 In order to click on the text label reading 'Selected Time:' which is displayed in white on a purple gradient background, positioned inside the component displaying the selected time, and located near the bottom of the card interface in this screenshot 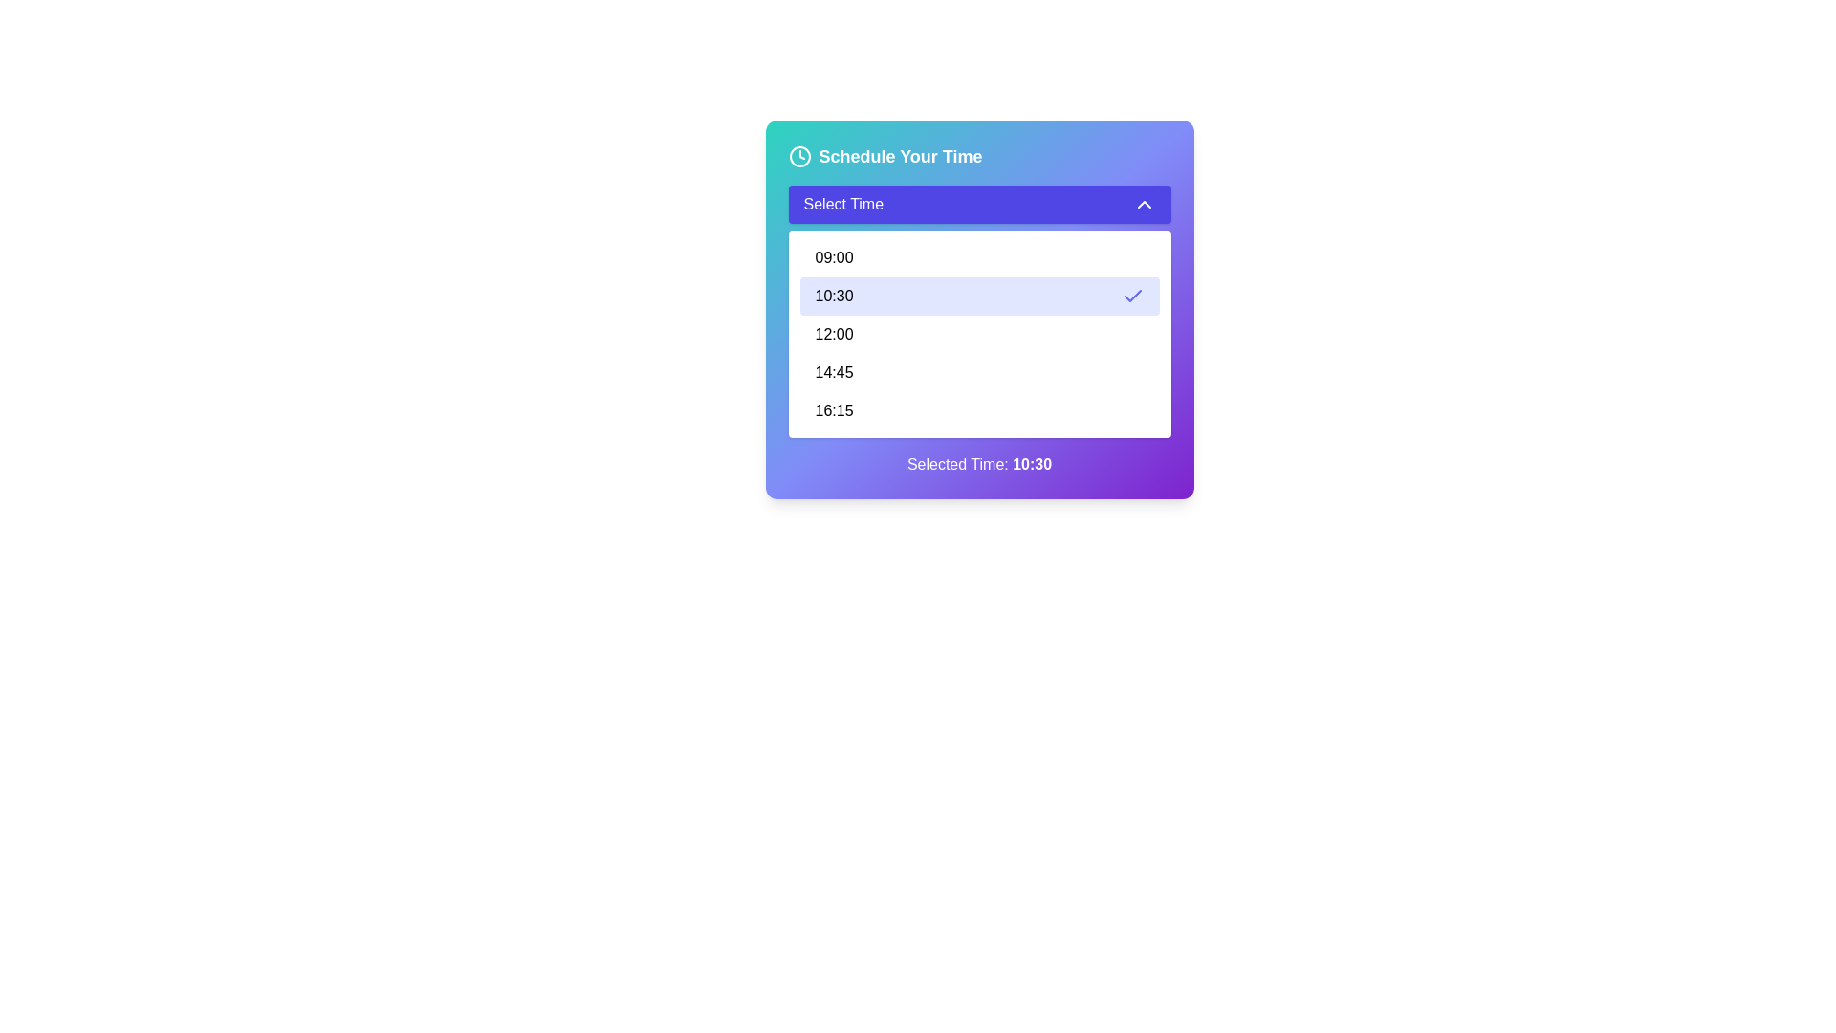, I will do `click(959, 464)`.